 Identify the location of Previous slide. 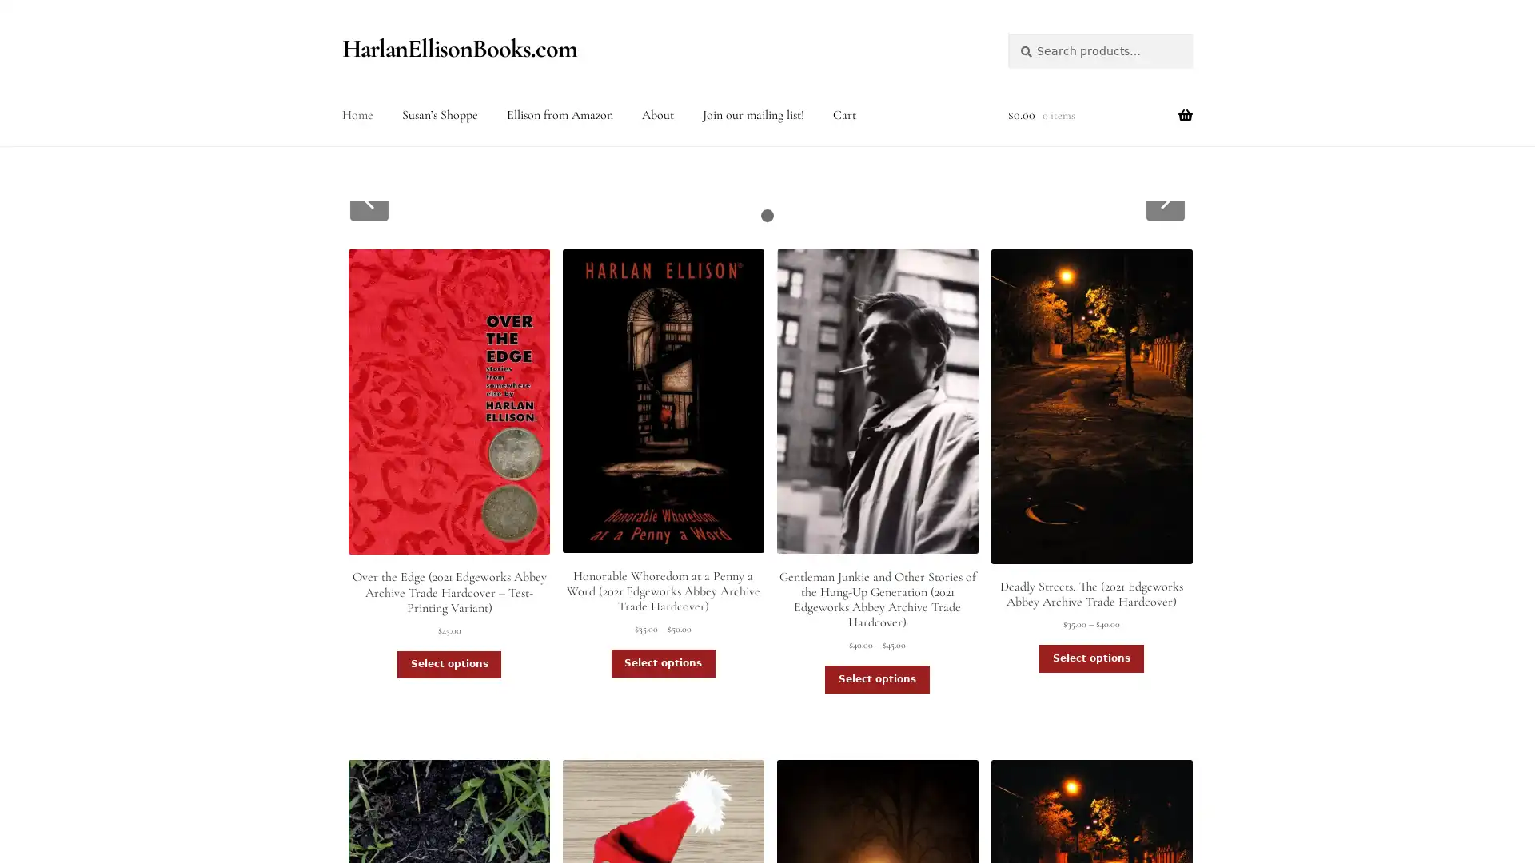
(368, 200).